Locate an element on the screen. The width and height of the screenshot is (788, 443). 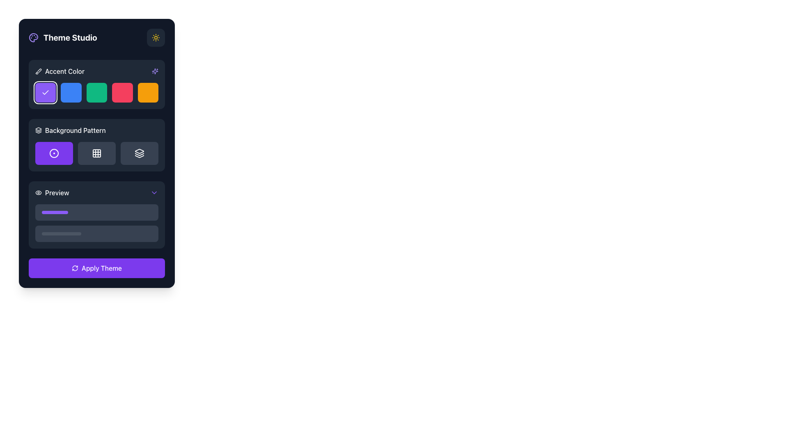
the small checkmark icon with a white stroke on a transparent background located inside the violet circular button under the 'Accent Color' label is located at coordinates (45, 92).